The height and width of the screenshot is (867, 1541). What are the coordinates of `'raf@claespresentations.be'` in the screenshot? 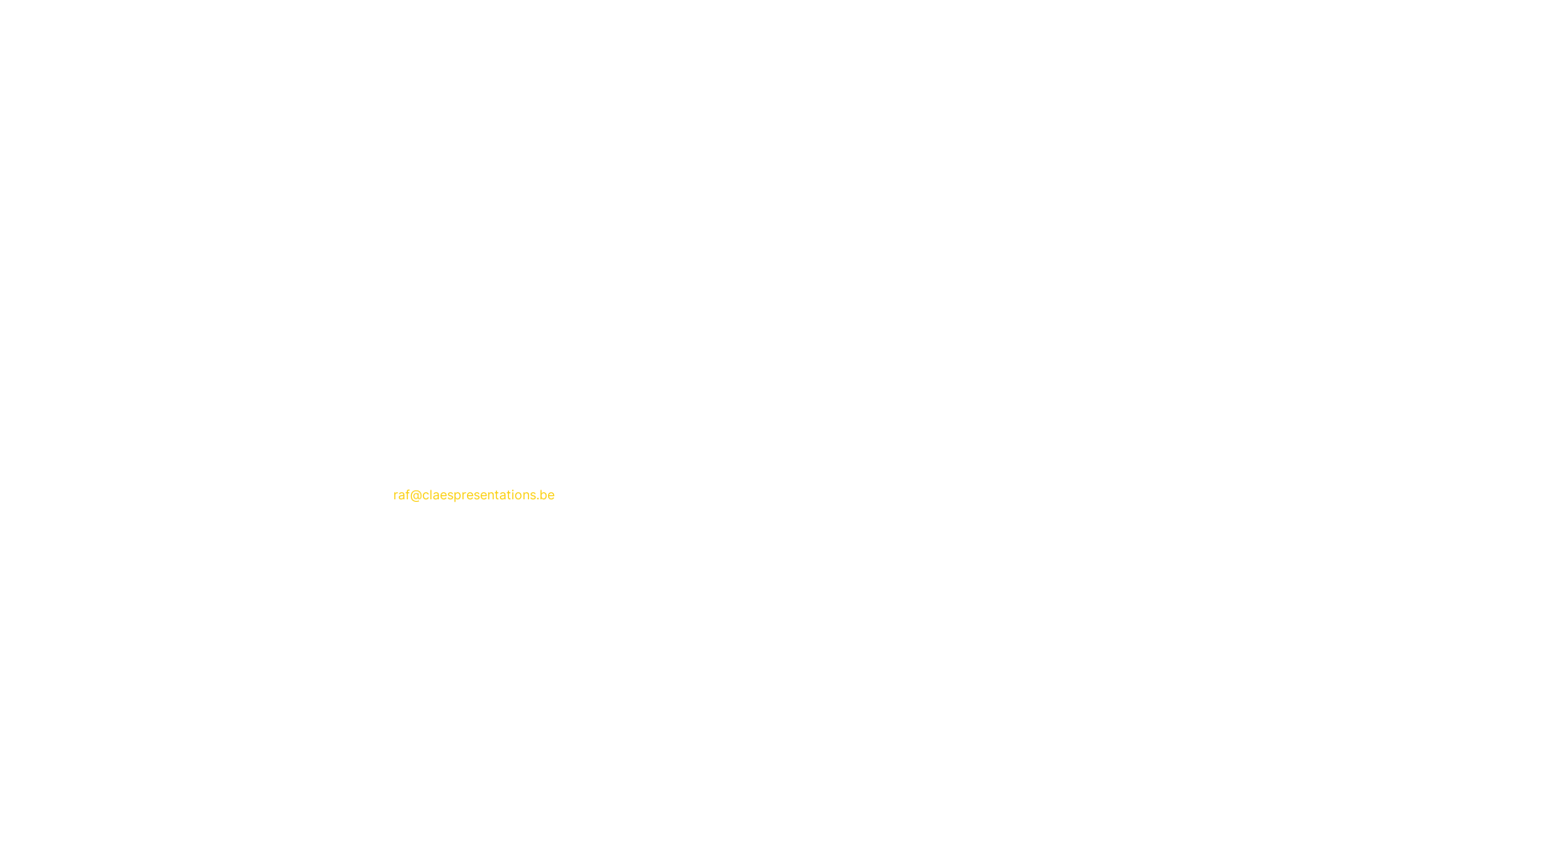 It's located at (473, 494).